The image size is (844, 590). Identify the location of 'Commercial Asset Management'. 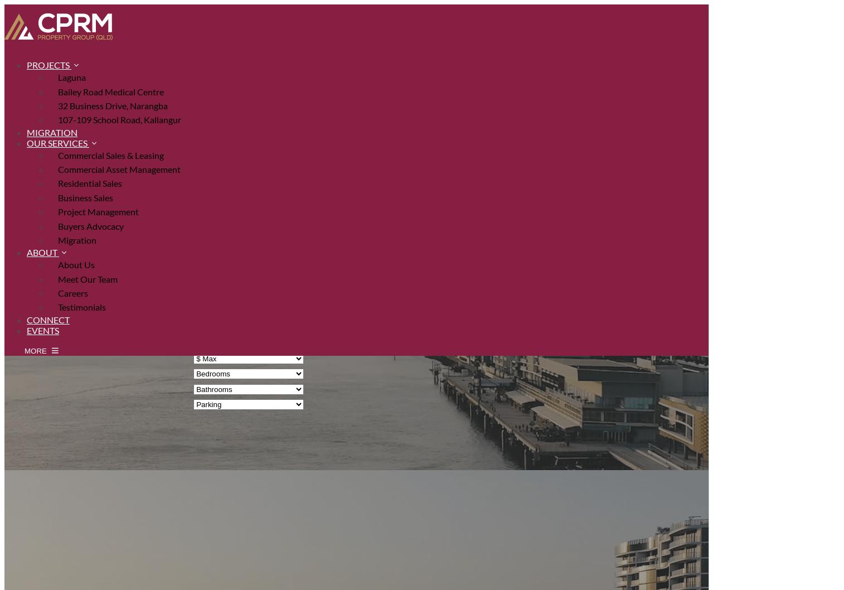
(57, 168).